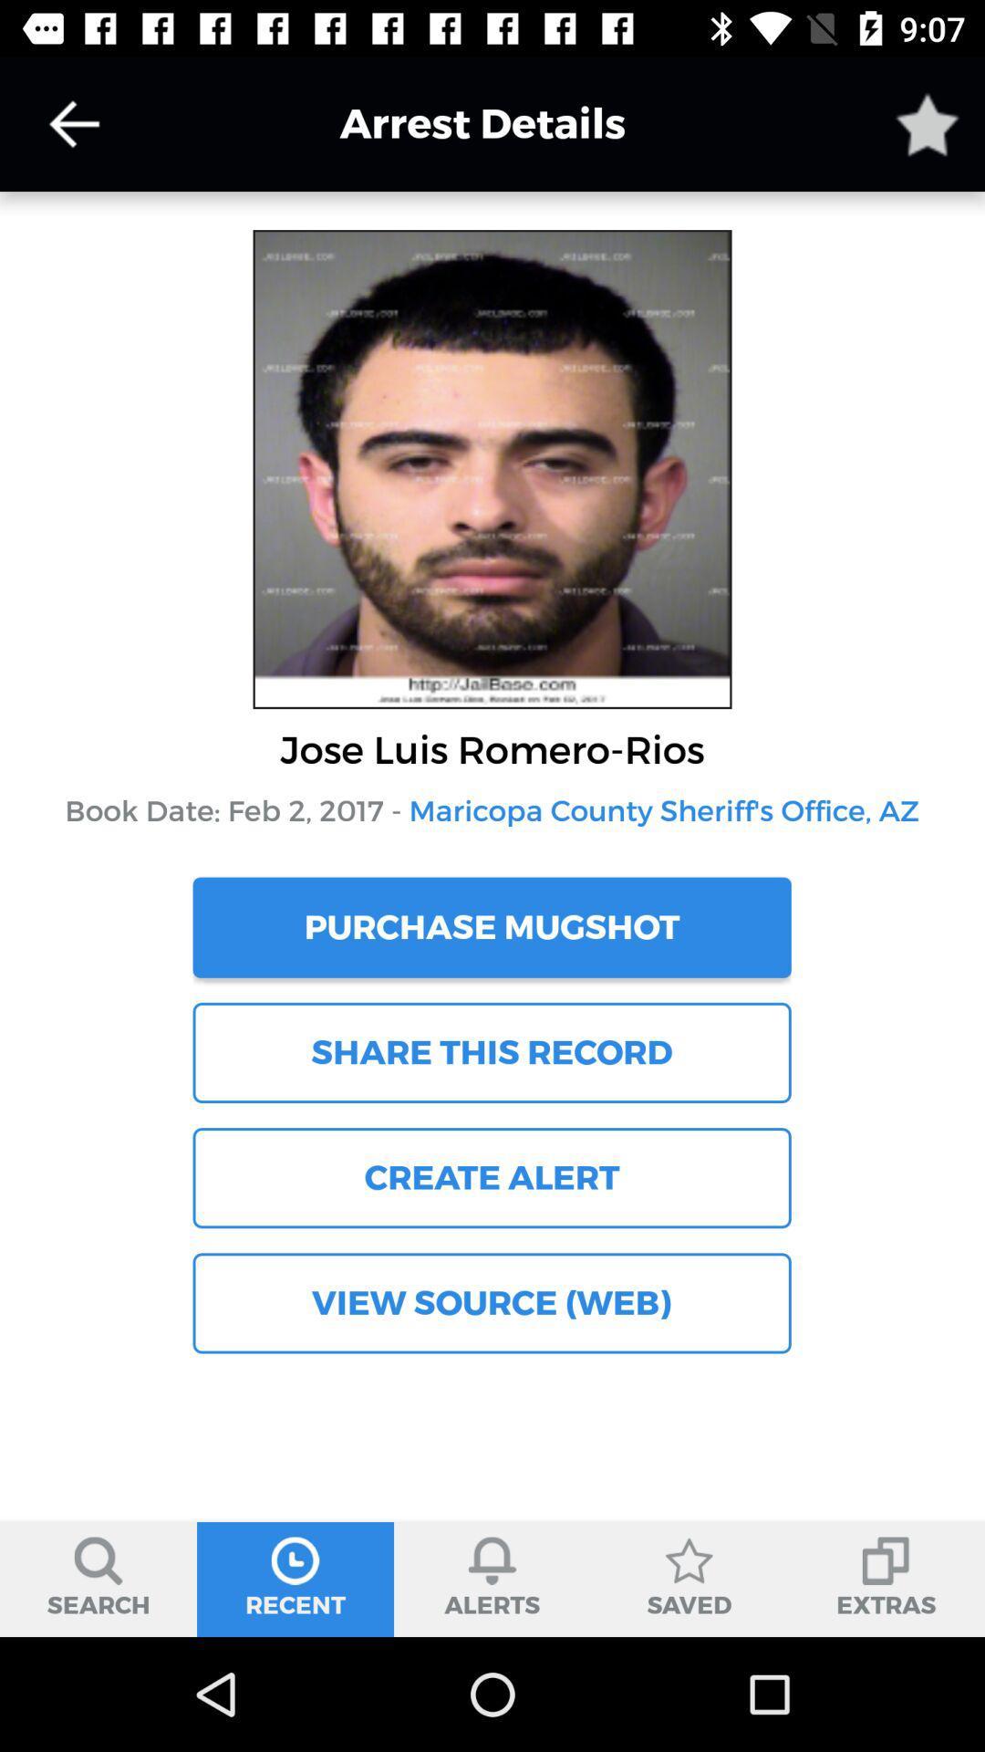 This screenshot has height=1752, width=985. Describe the element at coordinates (491, 1052) in the screenshot. I see `the share this record icon` at that location.